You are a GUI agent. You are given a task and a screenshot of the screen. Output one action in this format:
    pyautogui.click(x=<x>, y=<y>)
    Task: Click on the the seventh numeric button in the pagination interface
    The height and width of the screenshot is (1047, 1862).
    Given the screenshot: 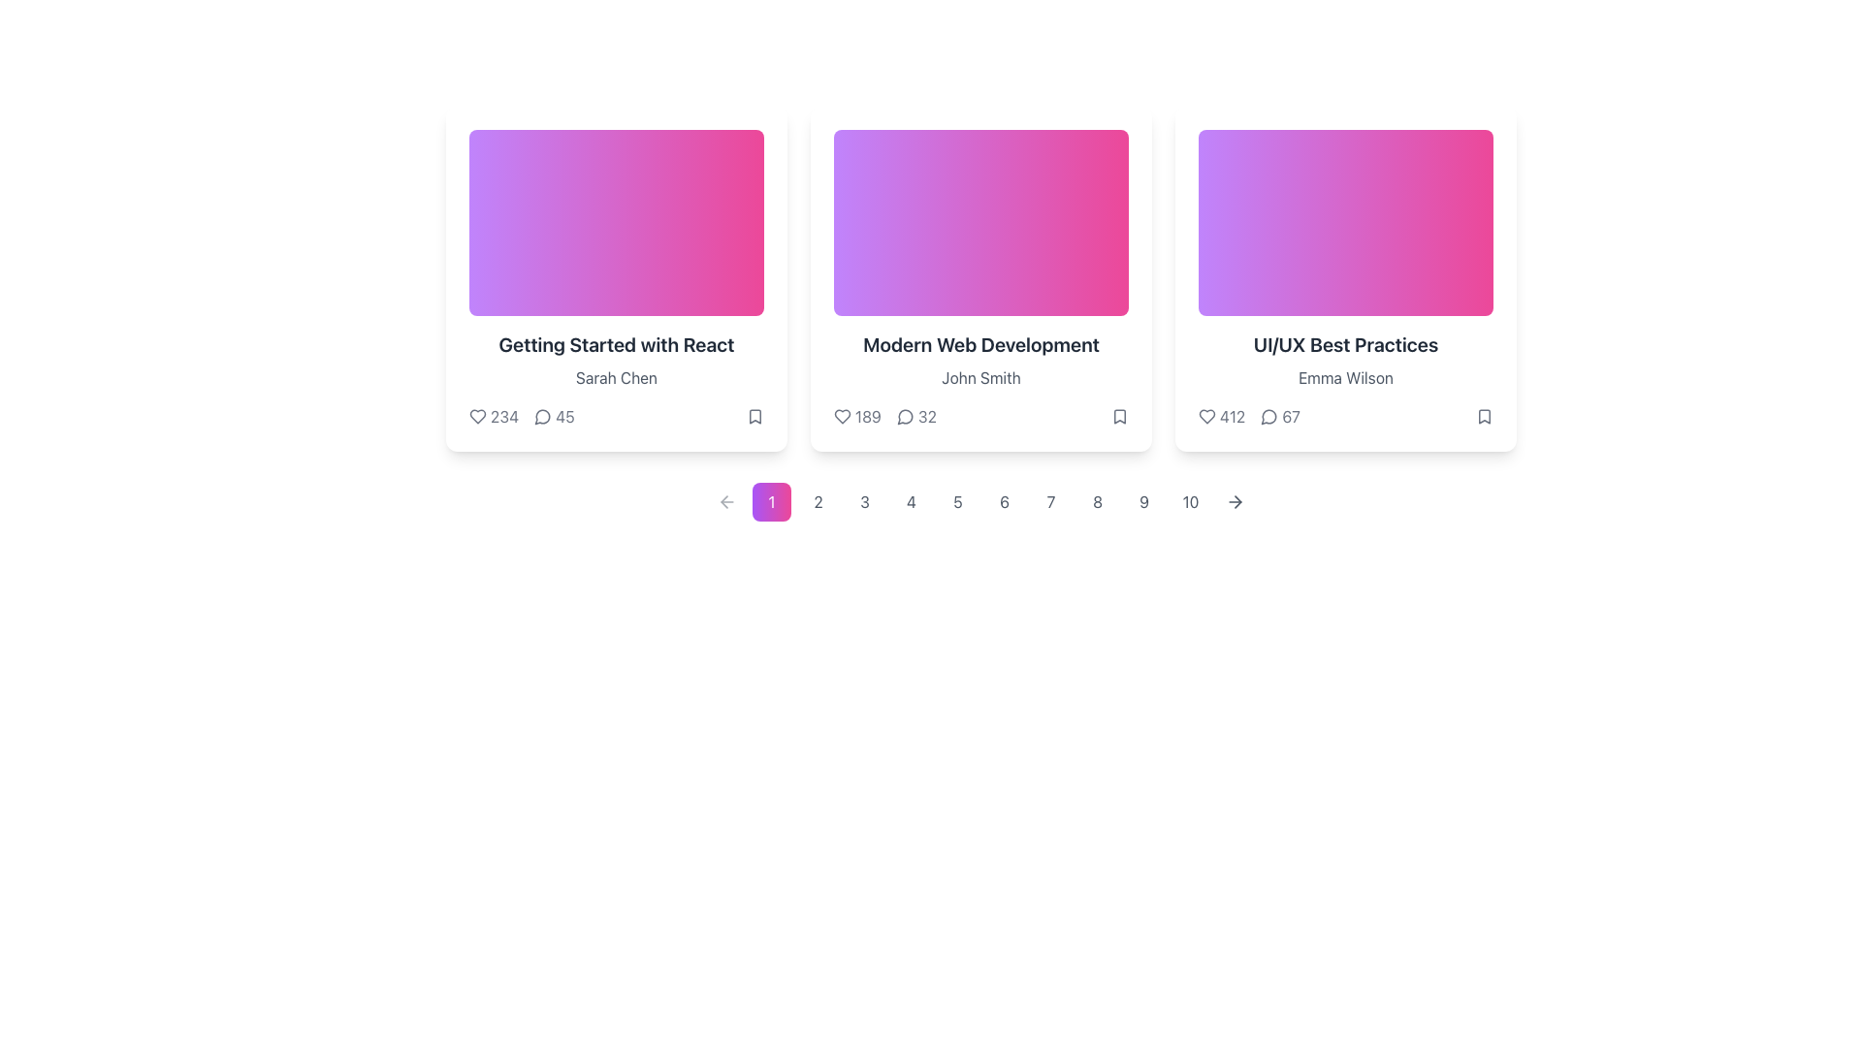 What is the action you would take?
    pyautogui.click(x=1050, y=500)
    